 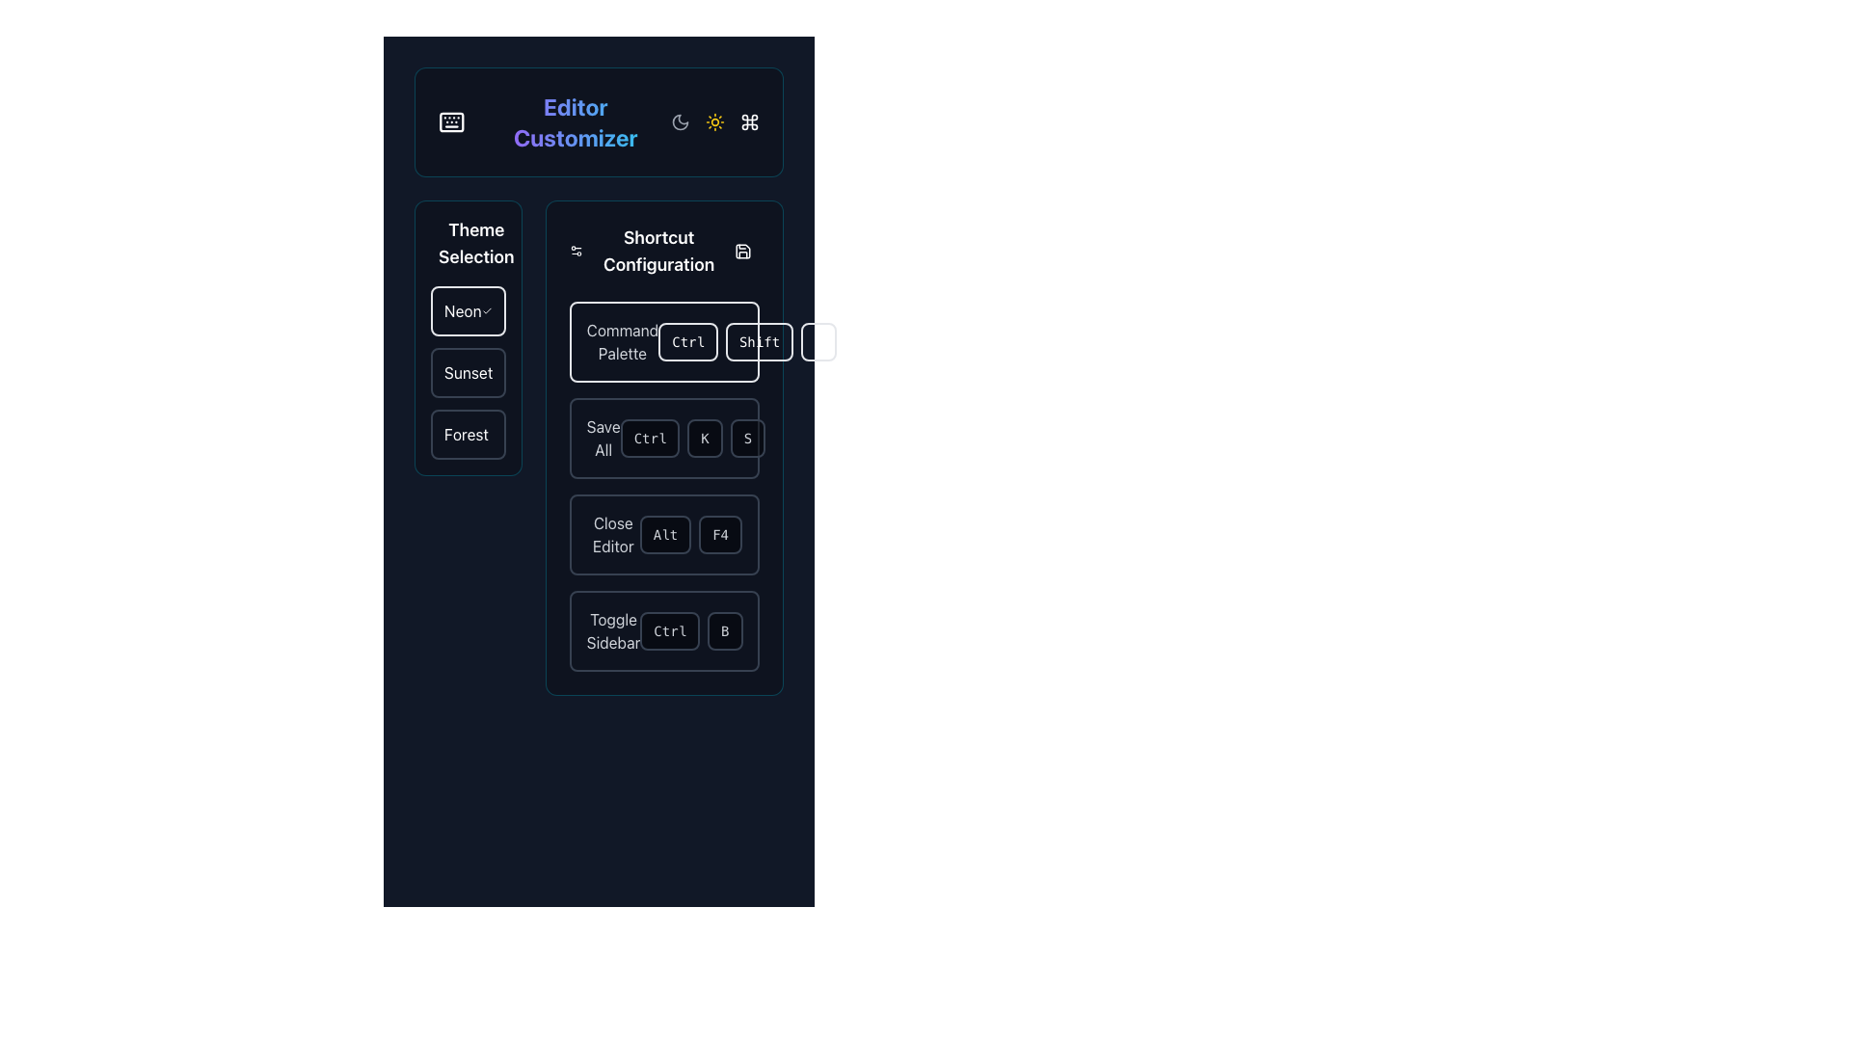 What do you see at coordinates (747, 439) in the screenshot?
I see `the 'S' Shortcut key button, which is the third button in the 'Save All' group, to simulate a key press` at bounding box center [747, 439].